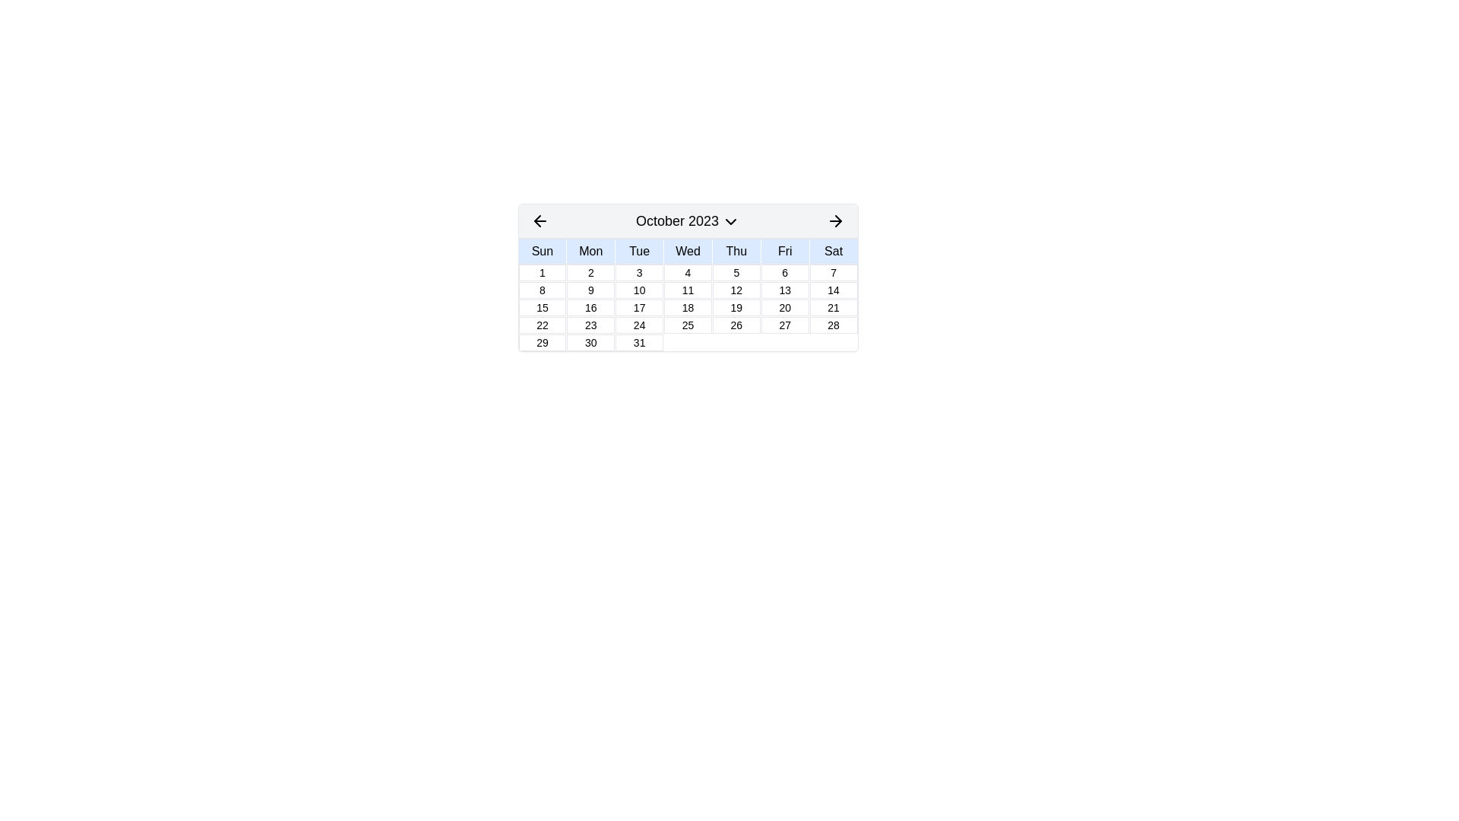 This screenshot has height=821, width=1459. Describe the element at coordinates (785, 290) in the screenshot. I see `the TextDisplay cell containing the number '13' in the calendar grid` at that location.